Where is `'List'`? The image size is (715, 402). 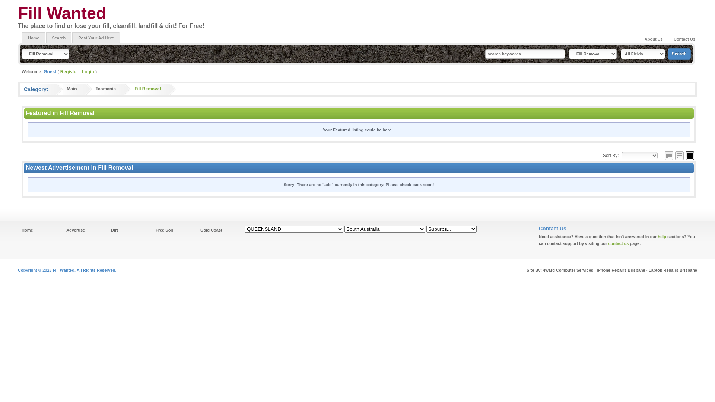 'List' is located at coordinates (675, 155).